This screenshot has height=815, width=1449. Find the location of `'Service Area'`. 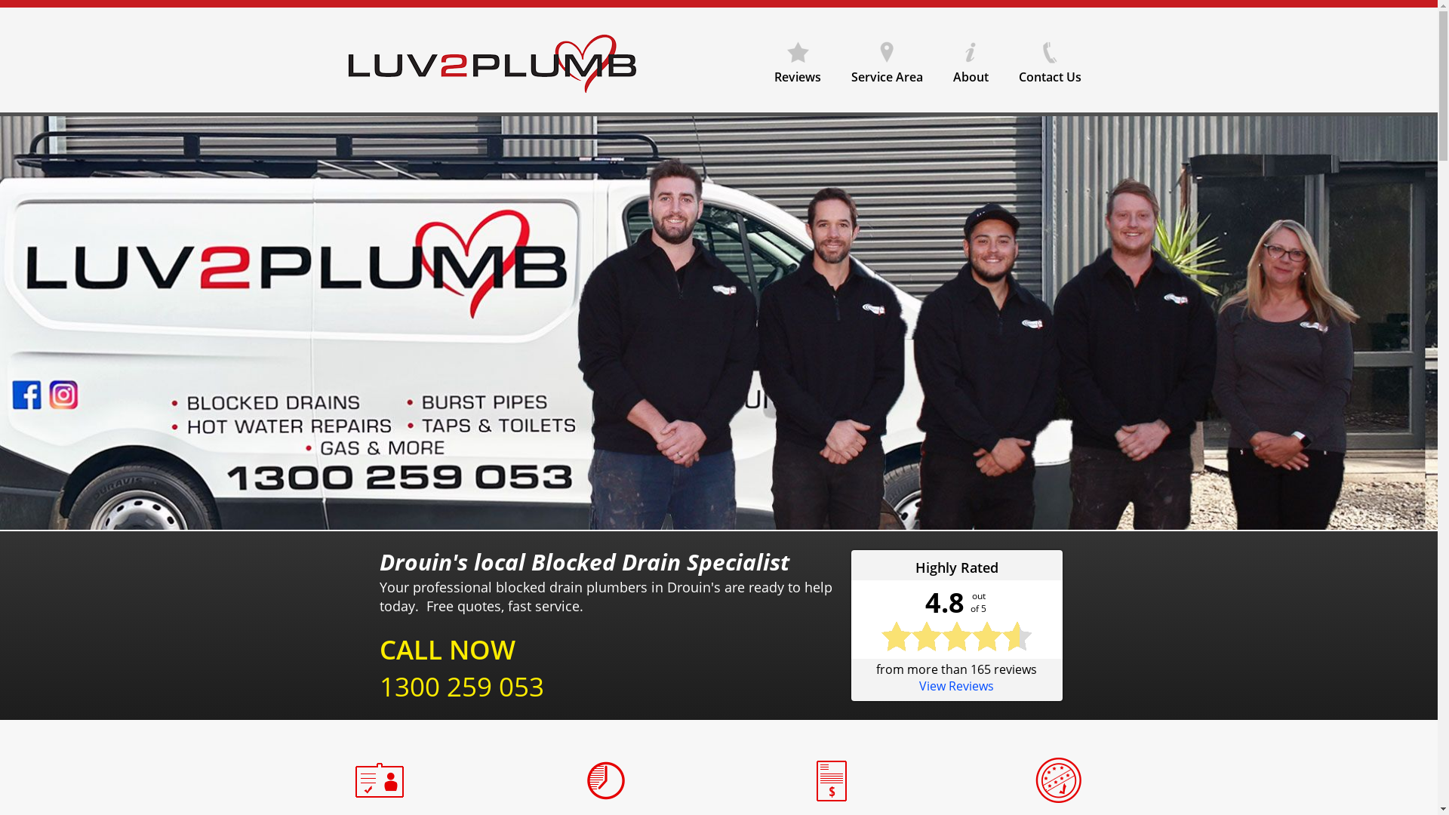

'Service Area' is located at coordinates (835, 57).